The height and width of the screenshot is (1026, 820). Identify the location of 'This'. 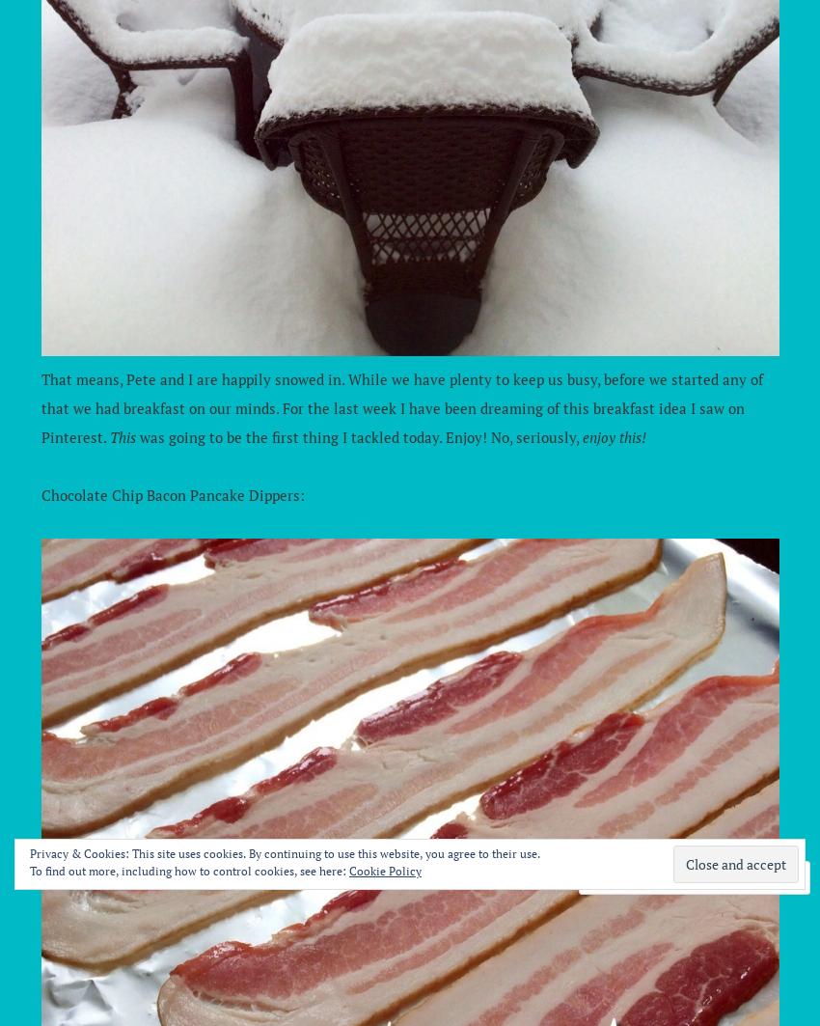
(121, 437).